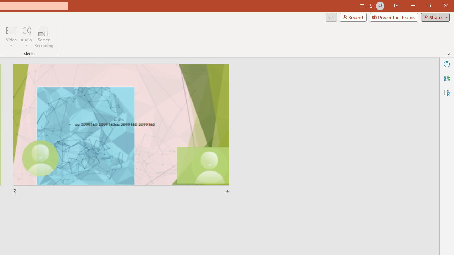 This screenshot has height=255, width=454. What do you see at coordinates (413, 6) in the screenshot?
I see `'Minimize'` at bounding box center [413, 6].